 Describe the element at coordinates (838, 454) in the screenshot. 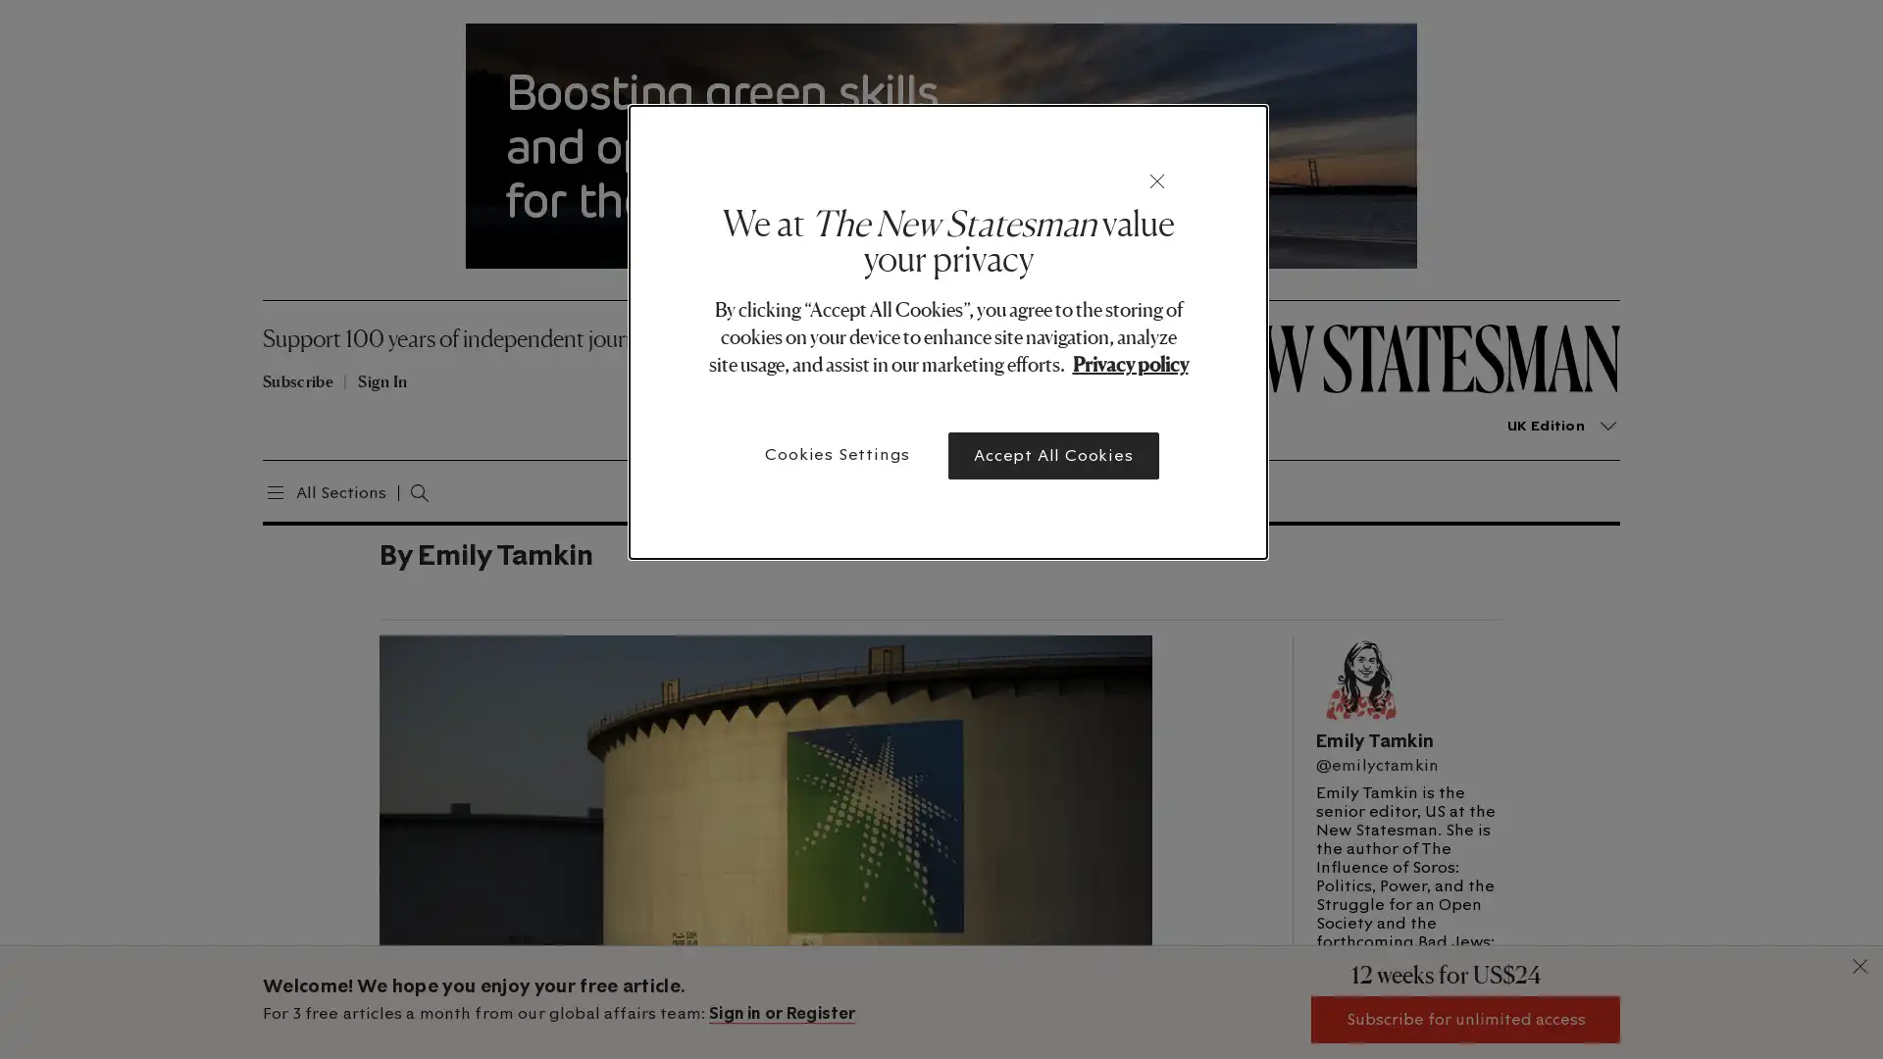

I see `Cookies Settings` at that location.